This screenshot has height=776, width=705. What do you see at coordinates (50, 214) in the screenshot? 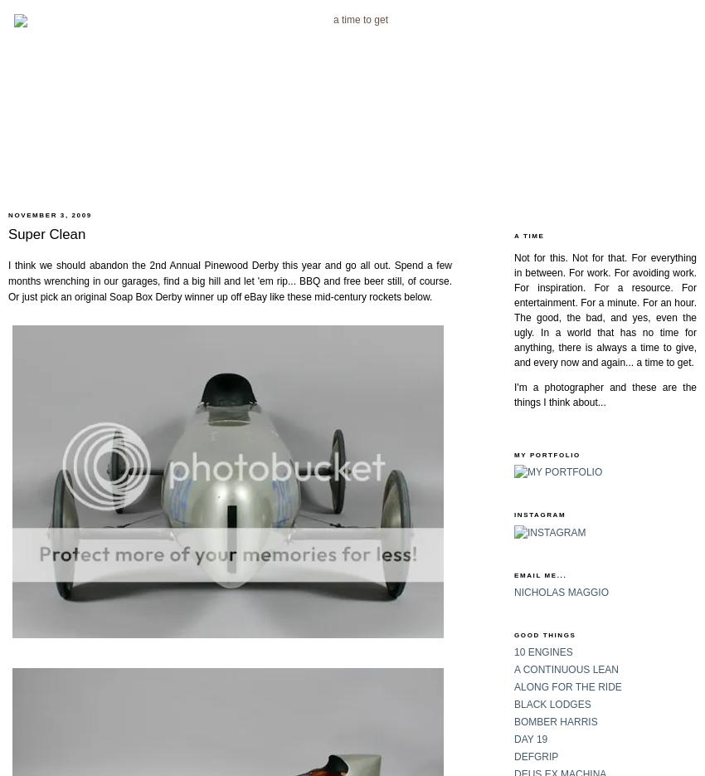
I see `'November 3, 2009'` at bounding box center [50, 214].